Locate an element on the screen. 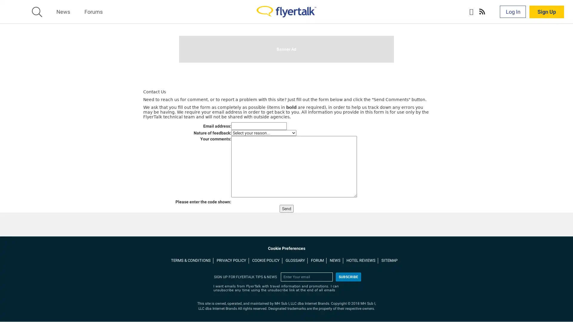 The height and width of the screenshot is (322, 573). More Information is located at coordinates (336, 309).